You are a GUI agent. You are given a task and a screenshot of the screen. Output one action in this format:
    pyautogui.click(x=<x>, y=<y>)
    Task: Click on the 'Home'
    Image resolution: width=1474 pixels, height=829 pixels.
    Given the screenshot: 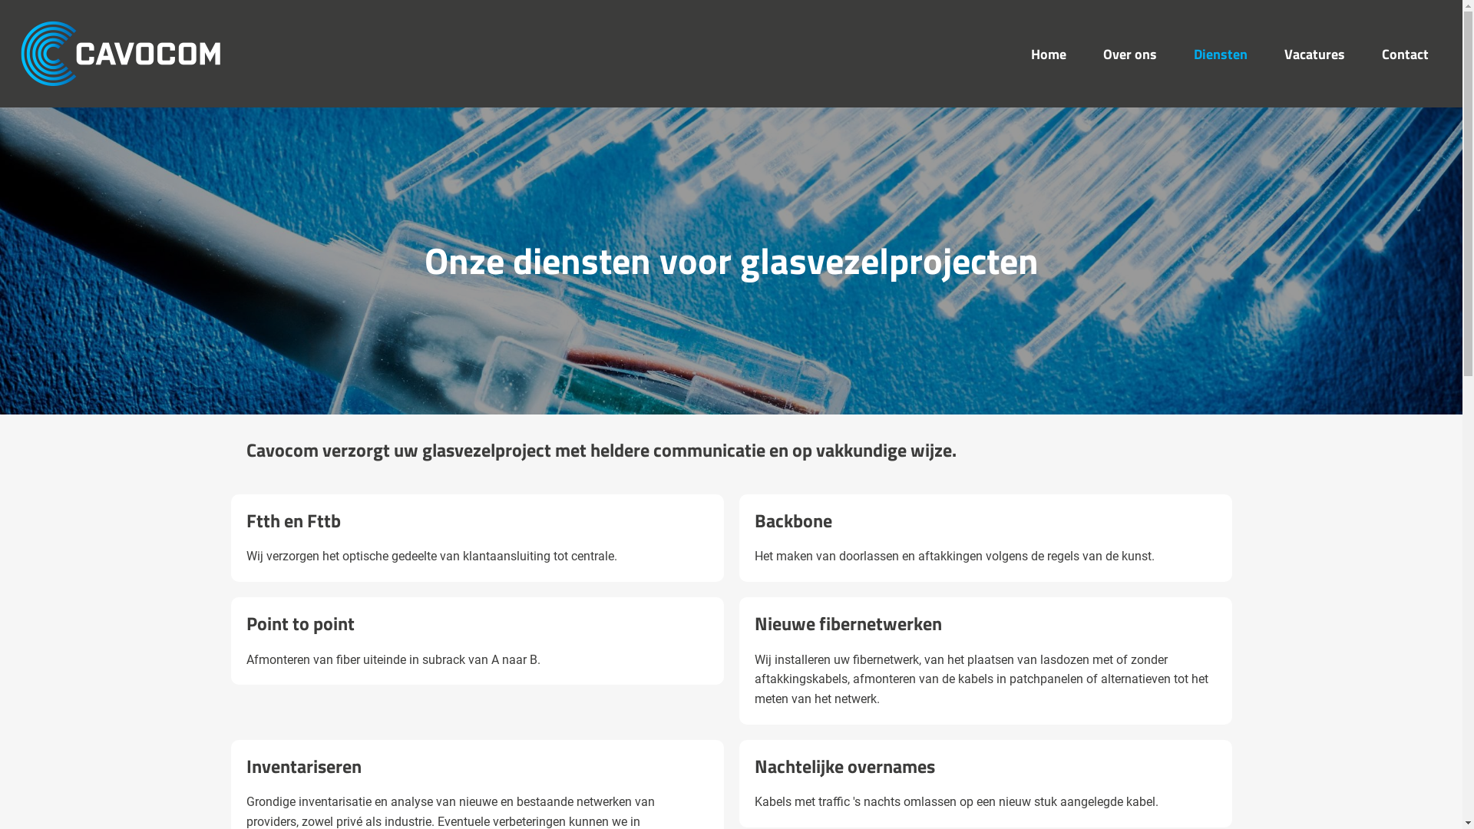 What is the action you would take?
    pyautogui.click(x=1048, y=52)
    